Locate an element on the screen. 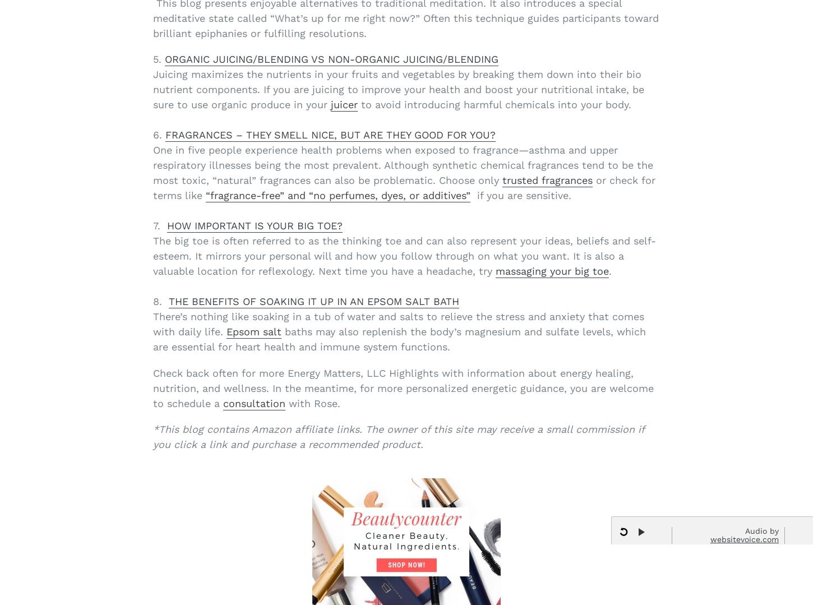  'HOW IMPORTANT IS YOUR BIG TOE?' is located at coordinates (254, 225).